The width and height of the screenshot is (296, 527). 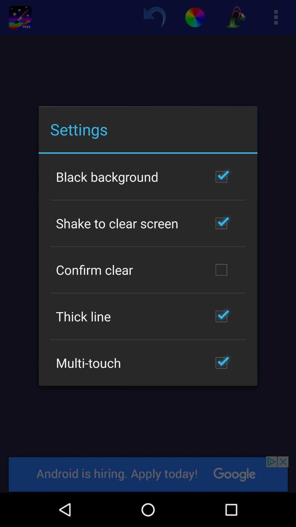 I want to click on item below shake to clear item, so click(x=94, y=270).